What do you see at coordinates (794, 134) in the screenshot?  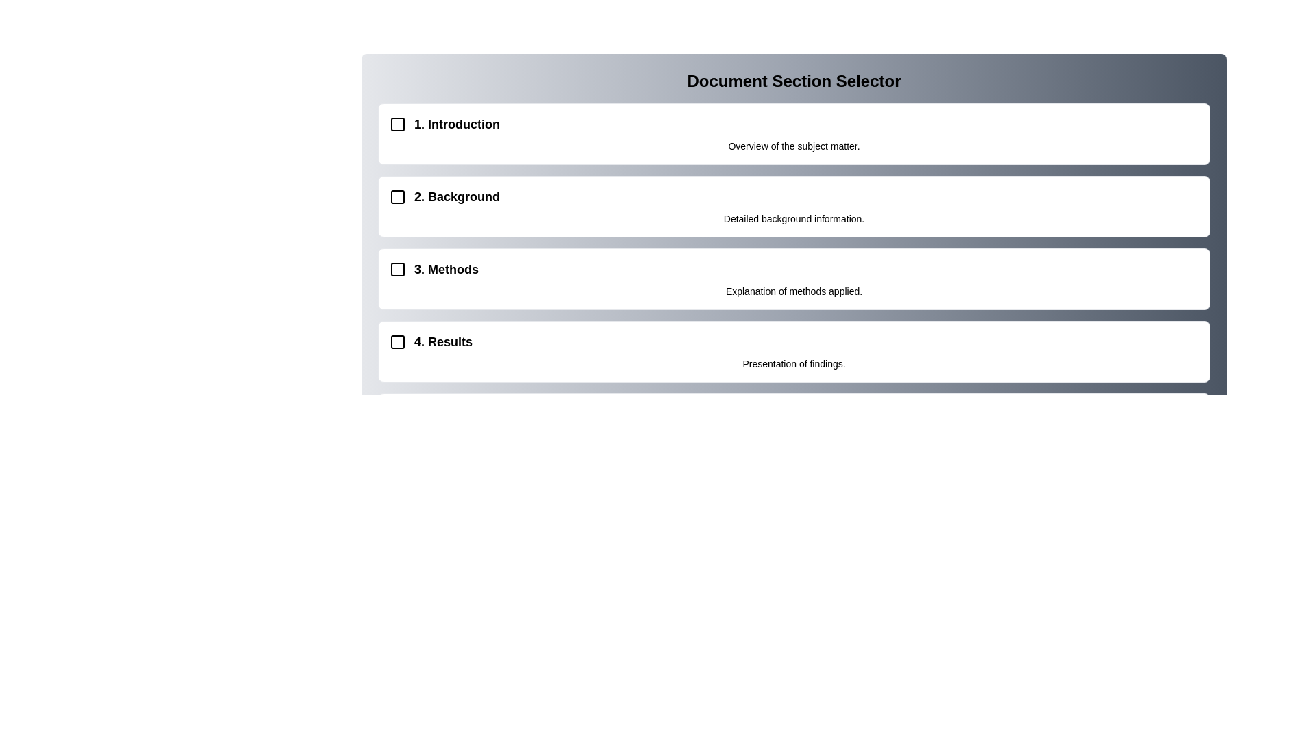 I see `the section card labeled 'Introduction' to view its content` at bounding box center [794, 134].